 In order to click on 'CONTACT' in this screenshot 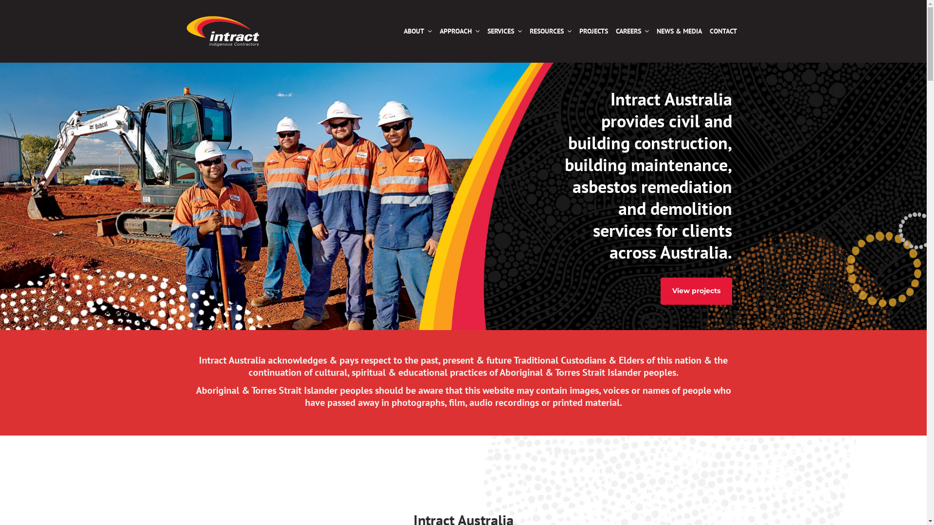, I will do `click(723, 31)`.